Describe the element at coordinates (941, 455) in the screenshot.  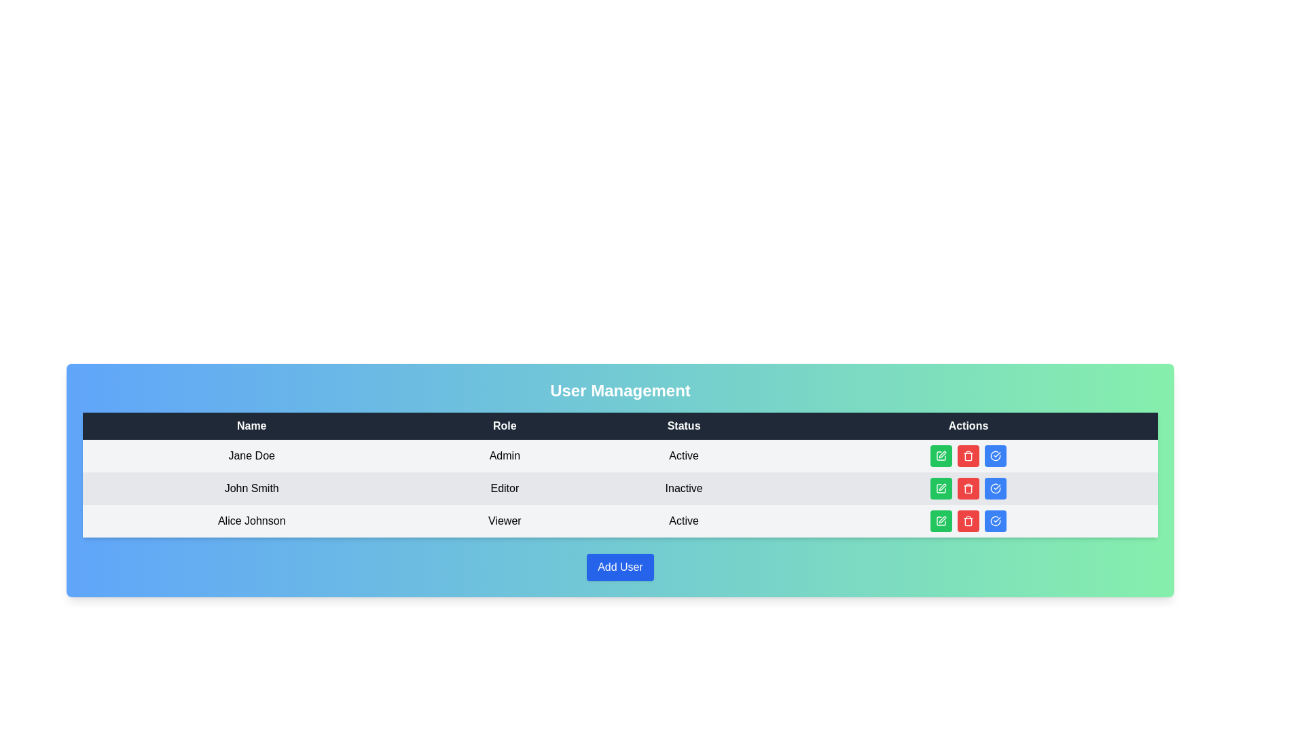
I see `the edit icon resembling a pencil overlaying a square in the Actions column for the user 'Jane Doe' to initiate the edit action` at that location.